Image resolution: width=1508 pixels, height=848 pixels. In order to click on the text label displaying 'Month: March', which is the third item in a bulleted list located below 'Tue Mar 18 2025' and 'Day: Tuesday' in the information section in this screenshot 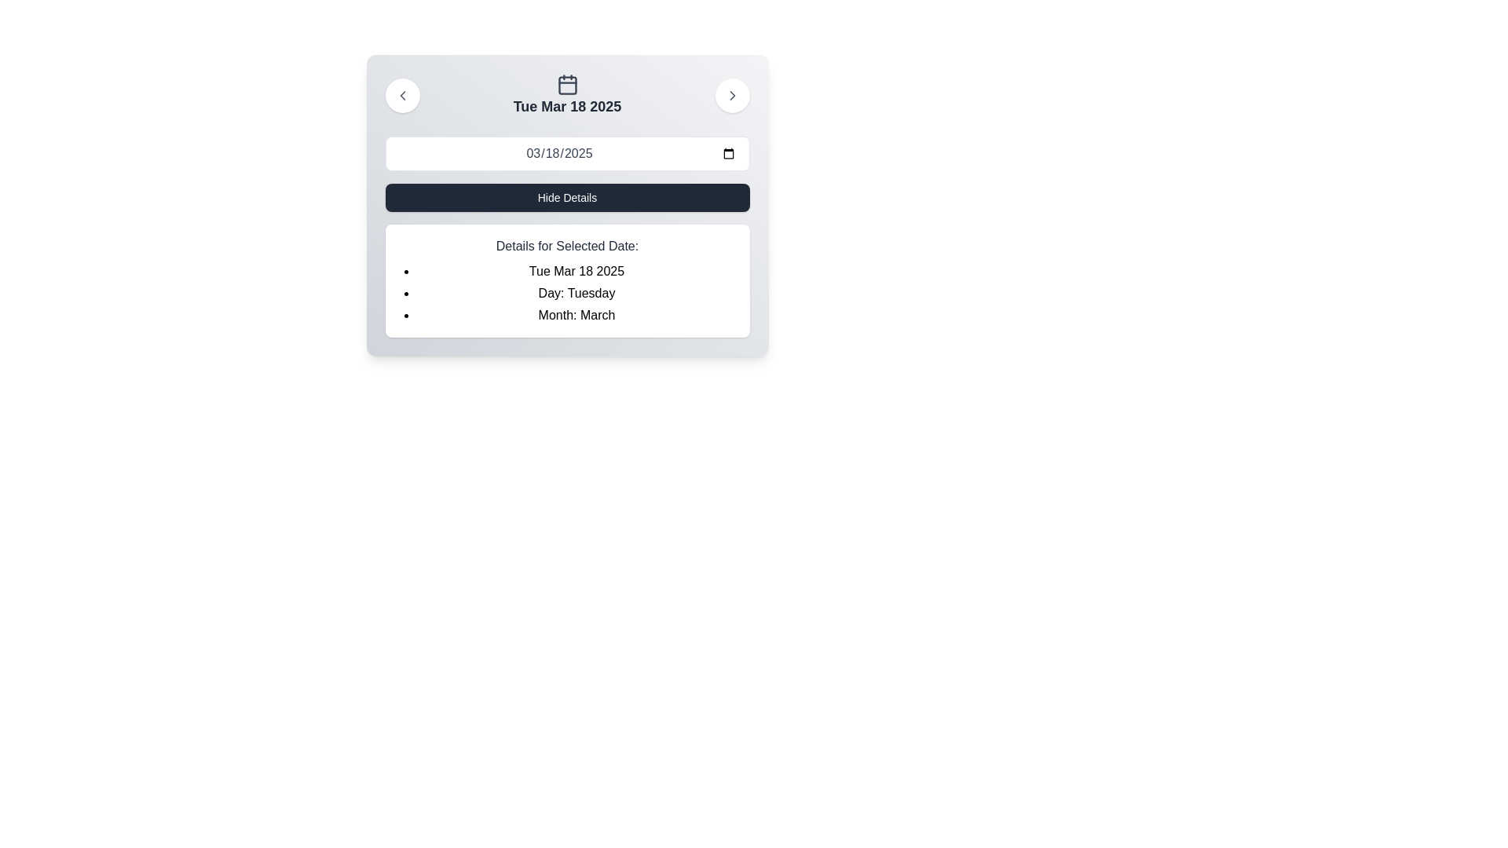, I will do `click(576, 315)`.